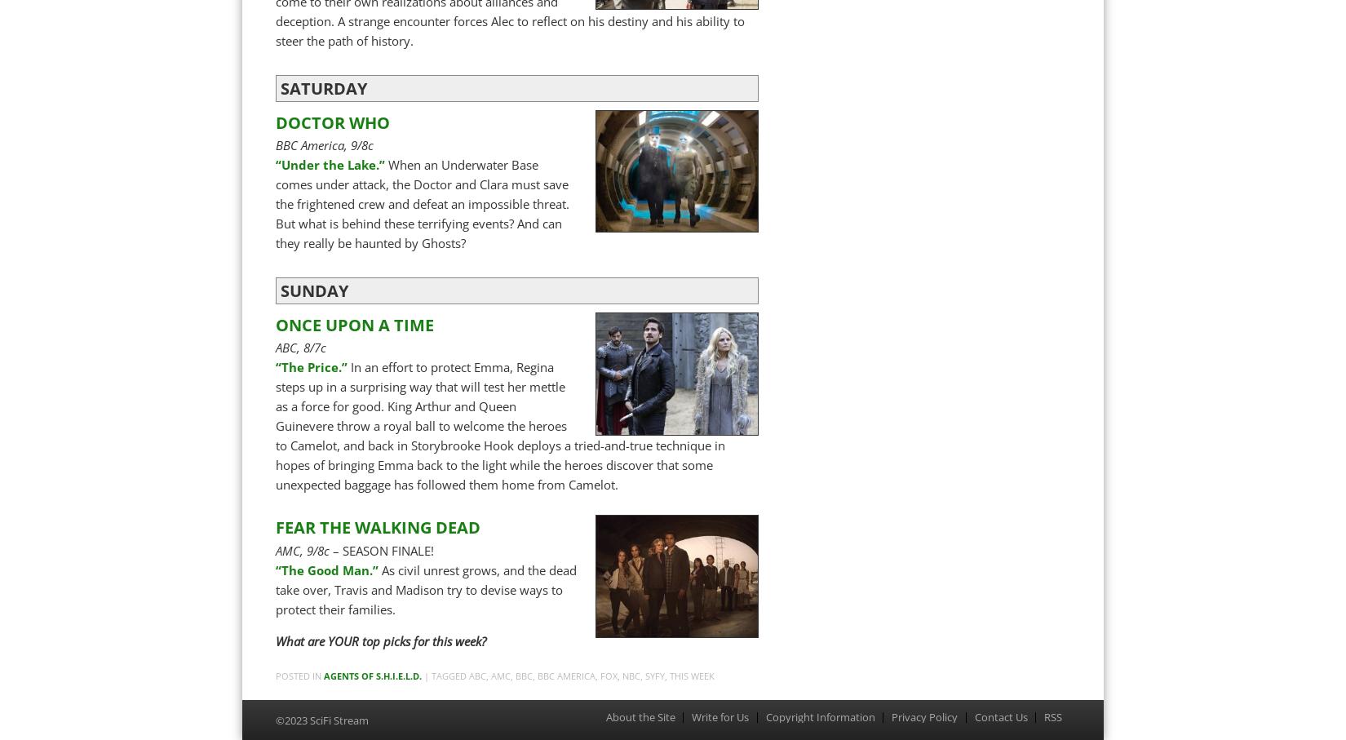 This screenshot has height=740, width=1346. What do you see at coordinates (421, 202) in the screenshot?
I see `'When an Underwater Base comes under attack, the Doctor and Clara must save the frightened crew and defeat an impossible threat. But what is behind these terrifying events? And can they really be haunted by Ghosts?'` at bounding box center [421, 202].